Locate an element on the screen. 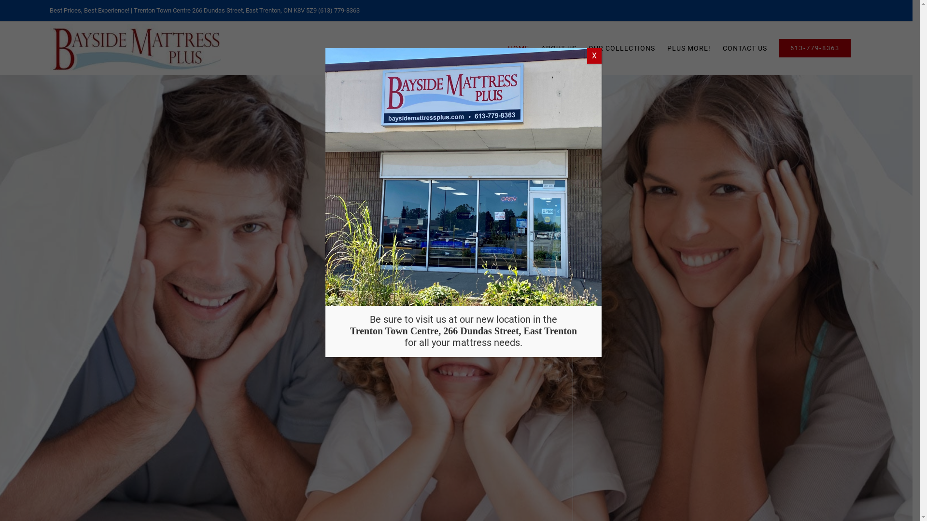 This screenshot has width=927, height=521. '613-779-8363' is located at coordinates (815, 48).